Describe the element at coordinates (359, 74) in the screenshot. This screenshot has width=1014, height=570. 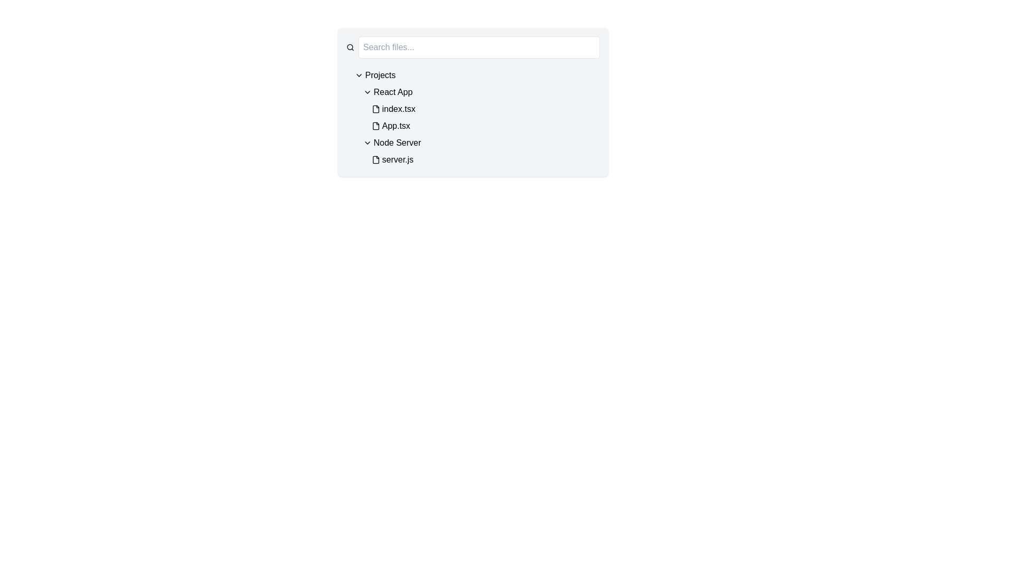
I see `the downward-facing chevron icon located to the left of the 'Projects' entry in the vertical navigation panel` at that location.